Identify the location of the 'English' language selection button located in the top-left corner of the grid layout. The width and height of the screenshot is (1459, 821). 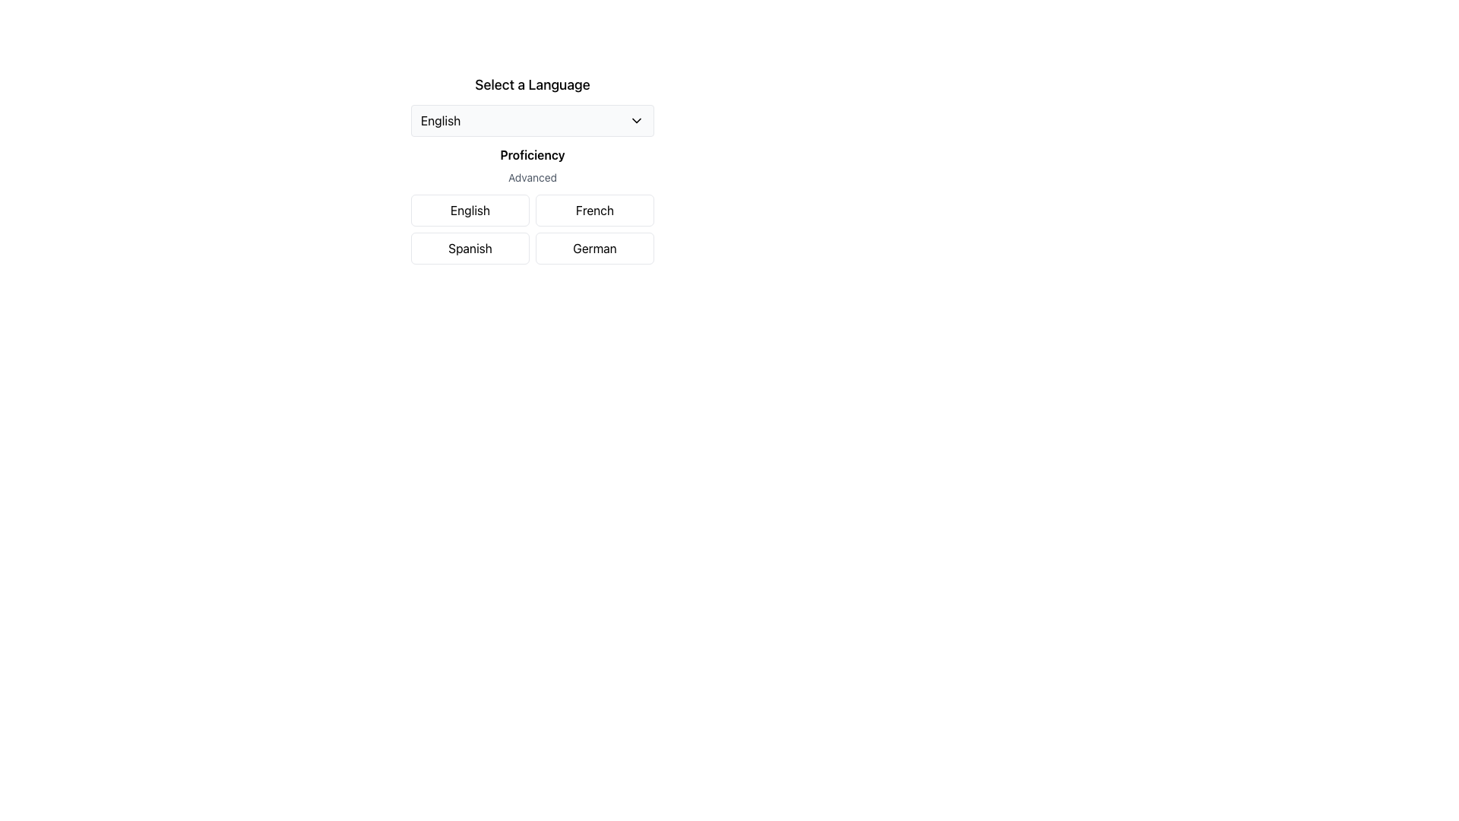
(470, 211).